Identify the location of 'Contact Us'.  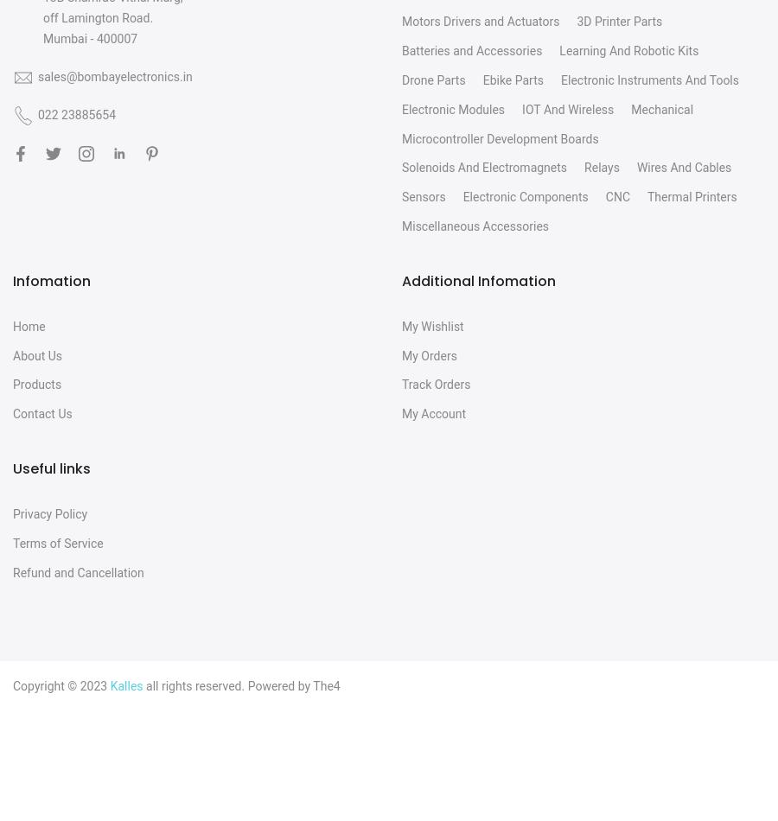
(41, 413).